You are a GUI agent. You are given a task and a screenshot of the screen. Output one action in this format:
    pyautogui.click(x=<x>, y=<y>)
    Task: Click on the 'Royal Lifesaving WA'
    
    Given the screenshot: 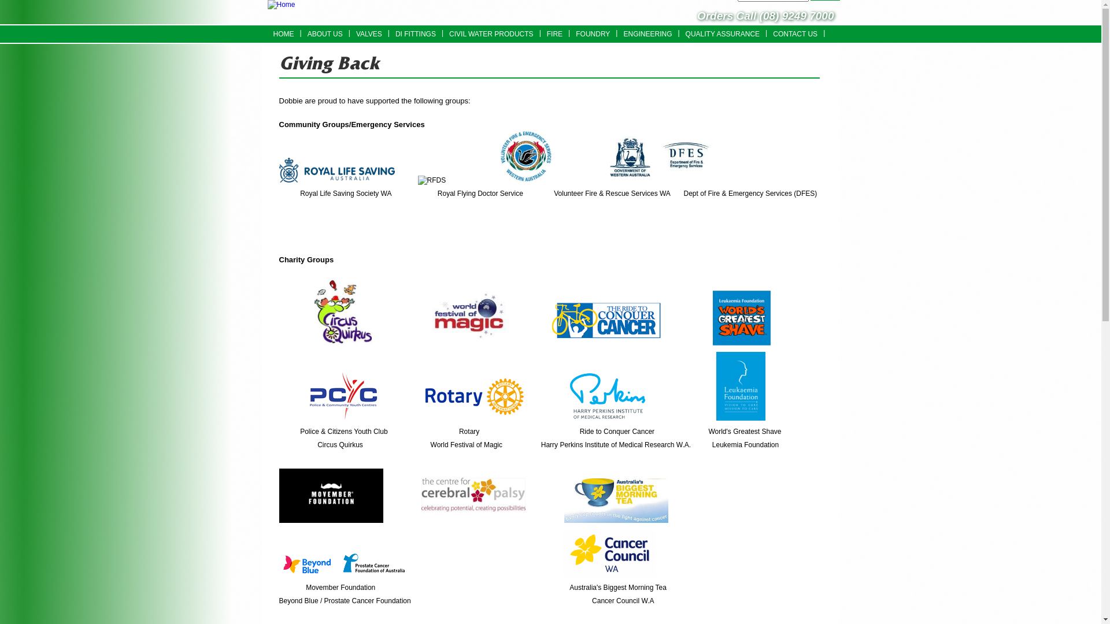 What is the action you would take?
    pyautogui.click(x=335, y=170)
    